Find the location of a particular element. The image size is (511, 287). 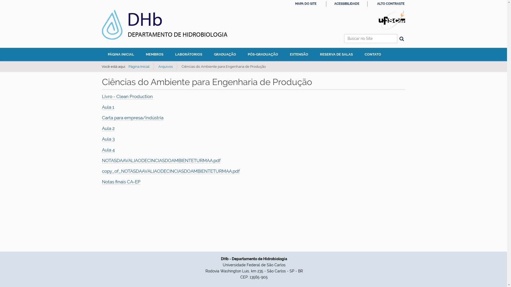

'Aula 4' is located at coordinates (102, 150).